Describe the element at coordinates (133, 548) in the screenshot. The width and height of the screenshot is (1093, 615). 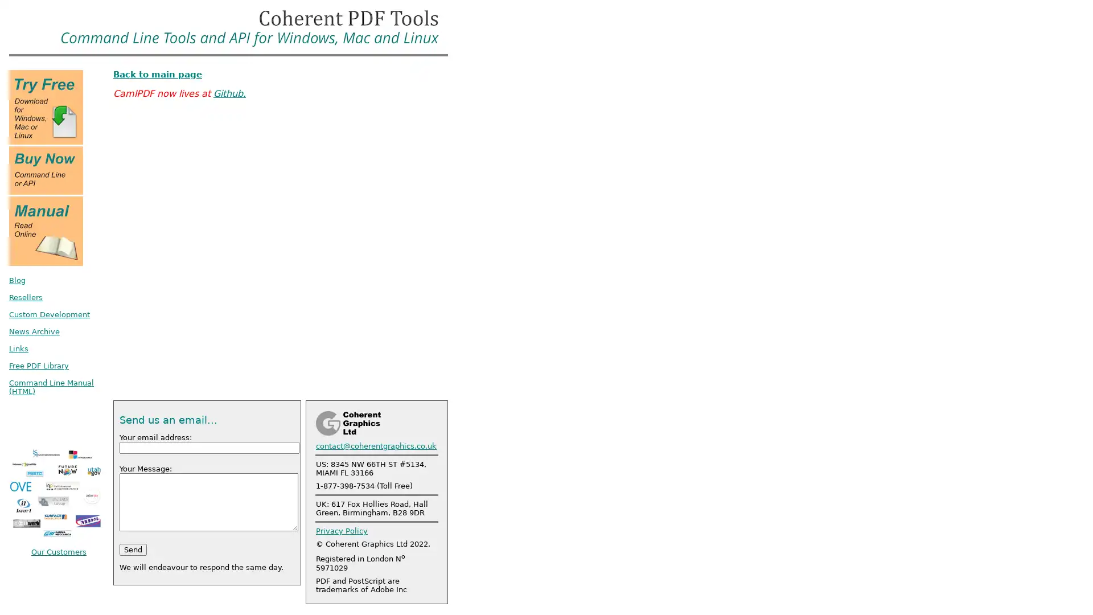
I see `Send` at that location.